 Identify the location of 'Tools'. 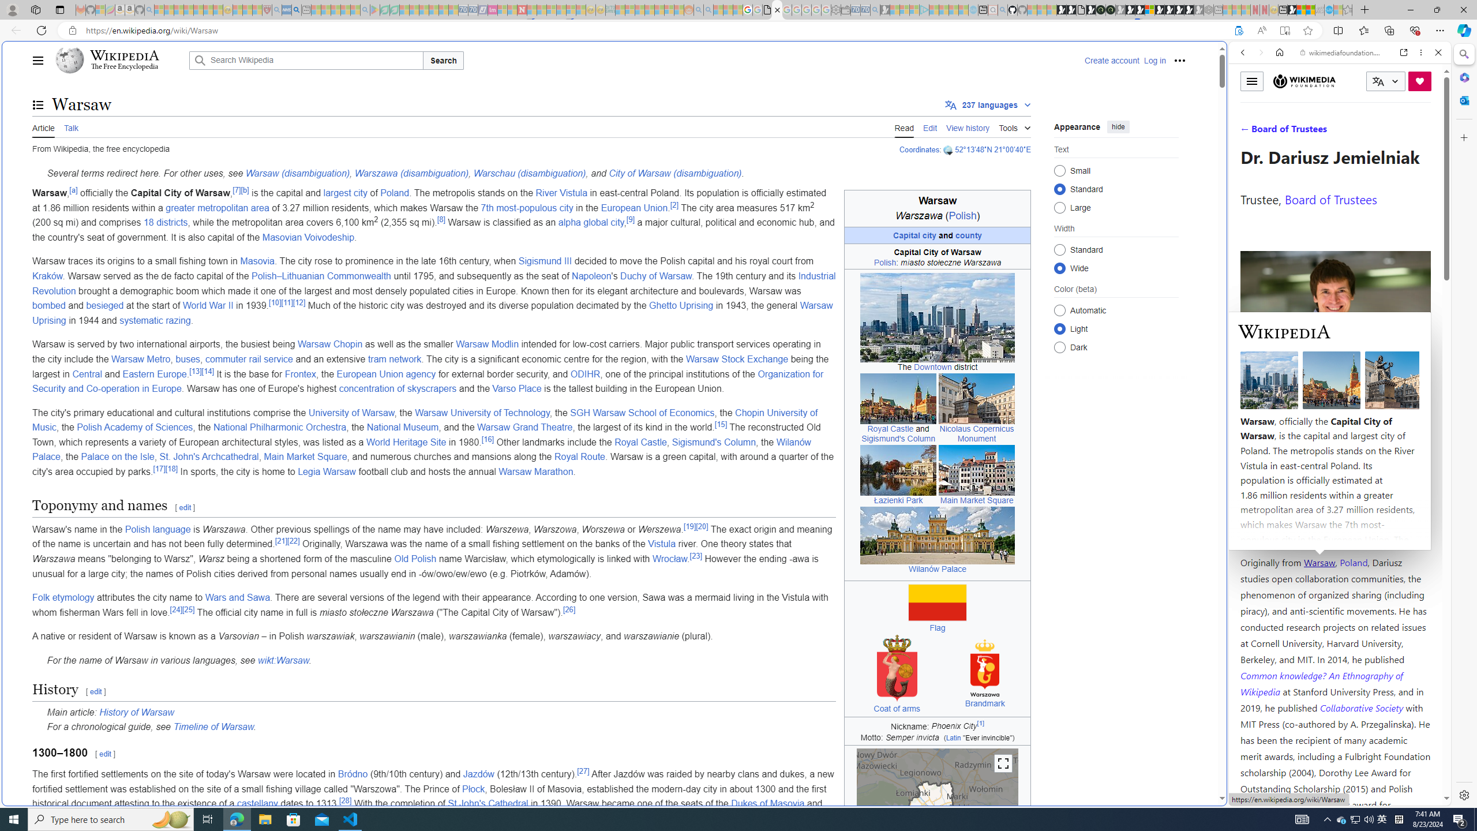
(1014, 126).